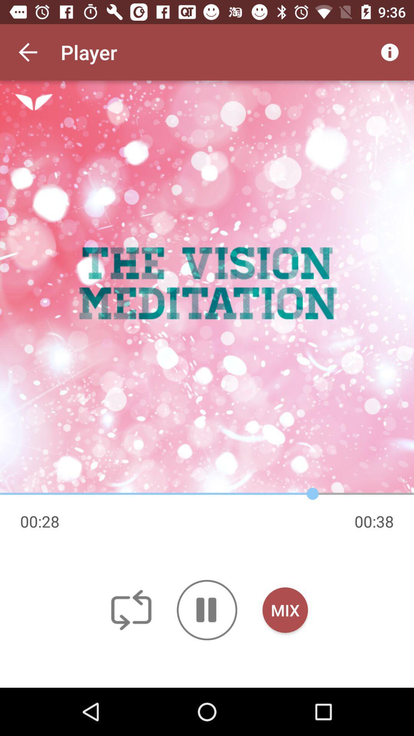 The width and height of the screenshot is (414, 736). I want to click on item to the right of the off item, so click(207, 609).